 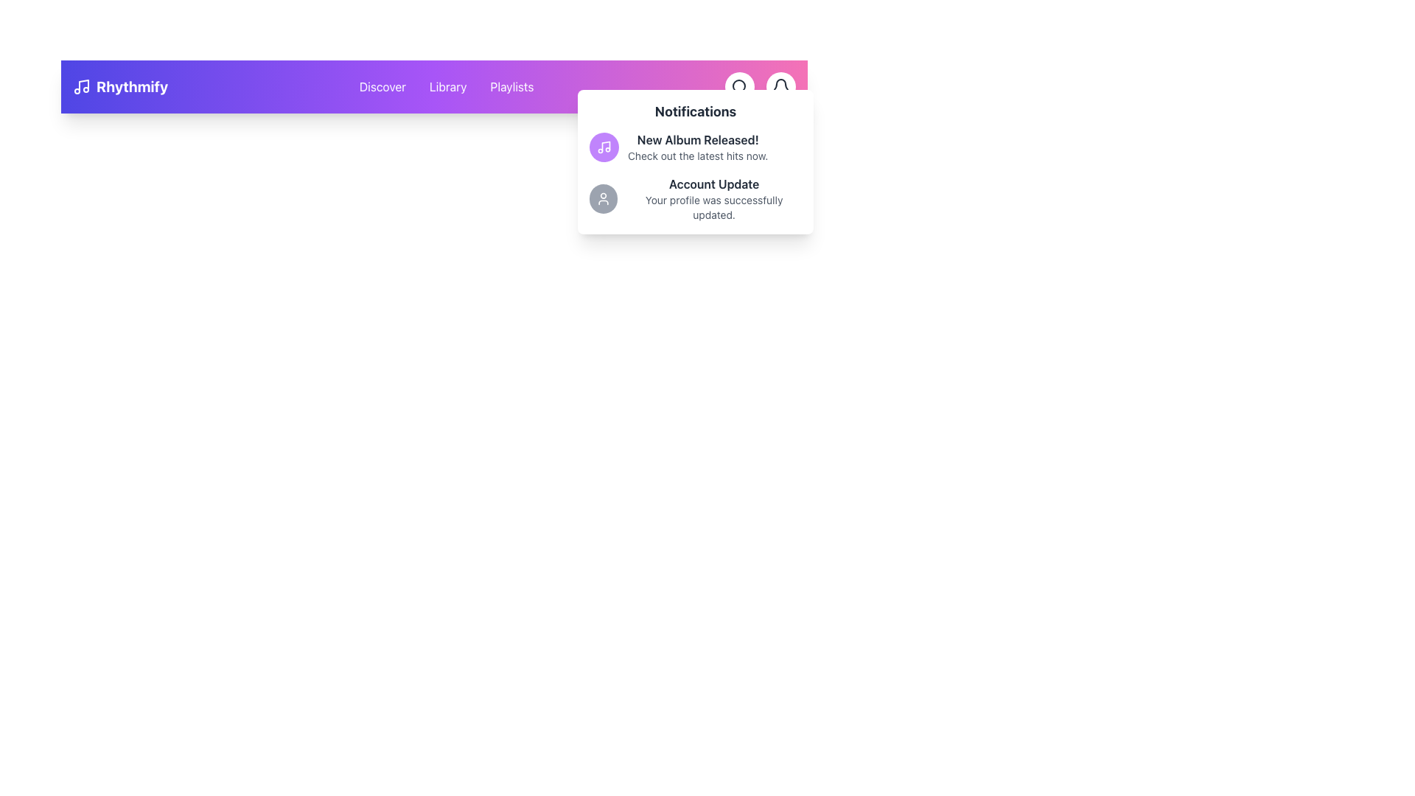 I want to click on the user-related notification icon that signifies an 'Account Update' notification, located to the left of the text 'Account Update' and 'Your profile was successfully updated.', so click(x=604, y=199).